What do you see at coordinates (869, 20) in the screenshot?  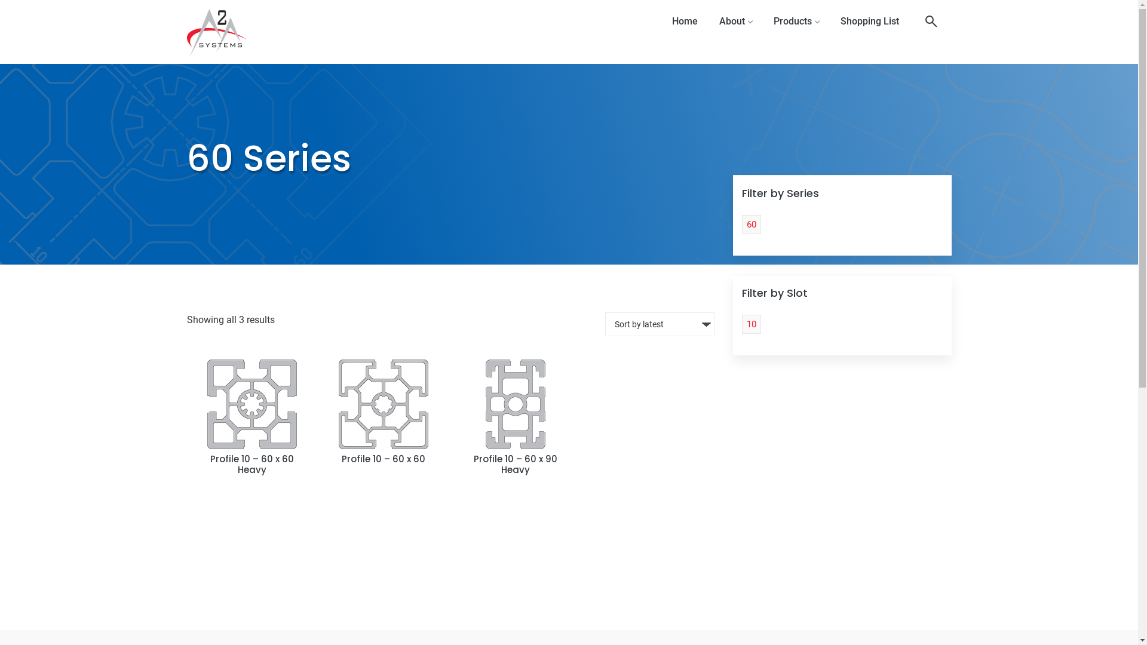 I see `'Shopping List'` at bounding box center [869, 20].